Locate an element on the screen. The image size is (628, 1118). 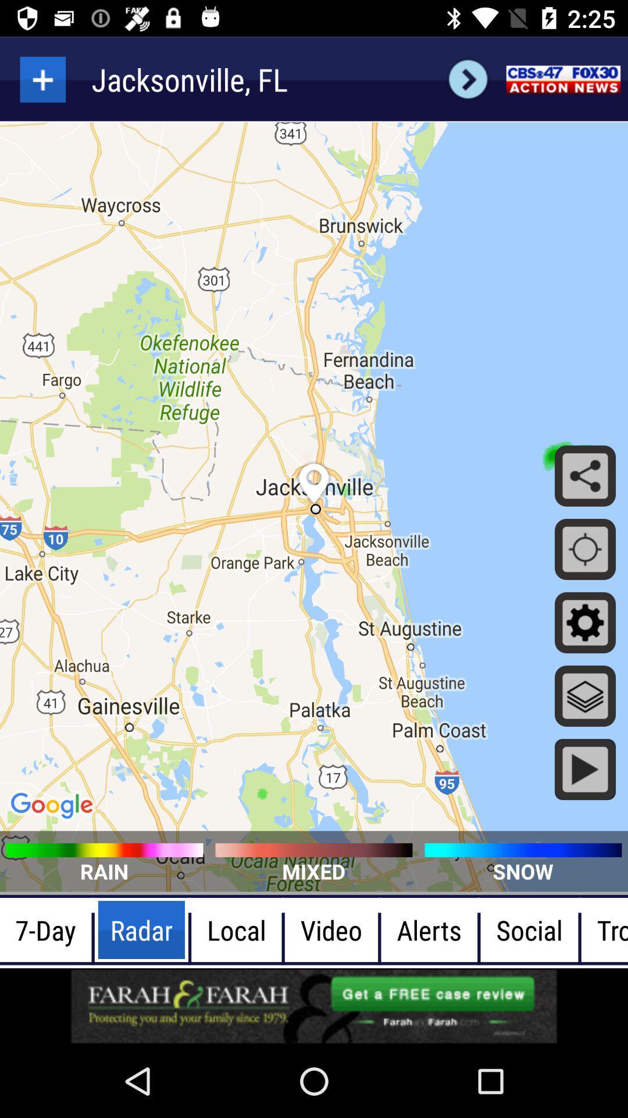
searching option is located at coordinates (42, 79).